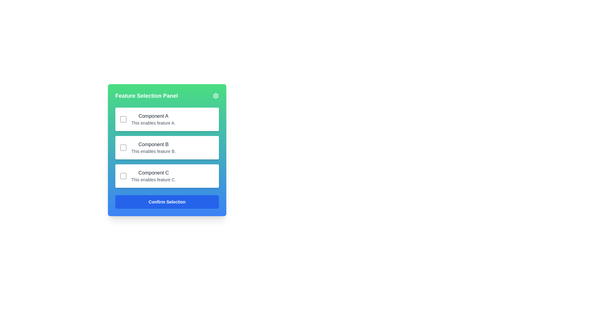 Image resolution: width=592 pixels, height=333 pixels. I want to click on the checkbox located at the leftmost side of the 'Component C' row, which is adjacent to the text 'Component C' and 'This enables feature C.', so click(123, 176).